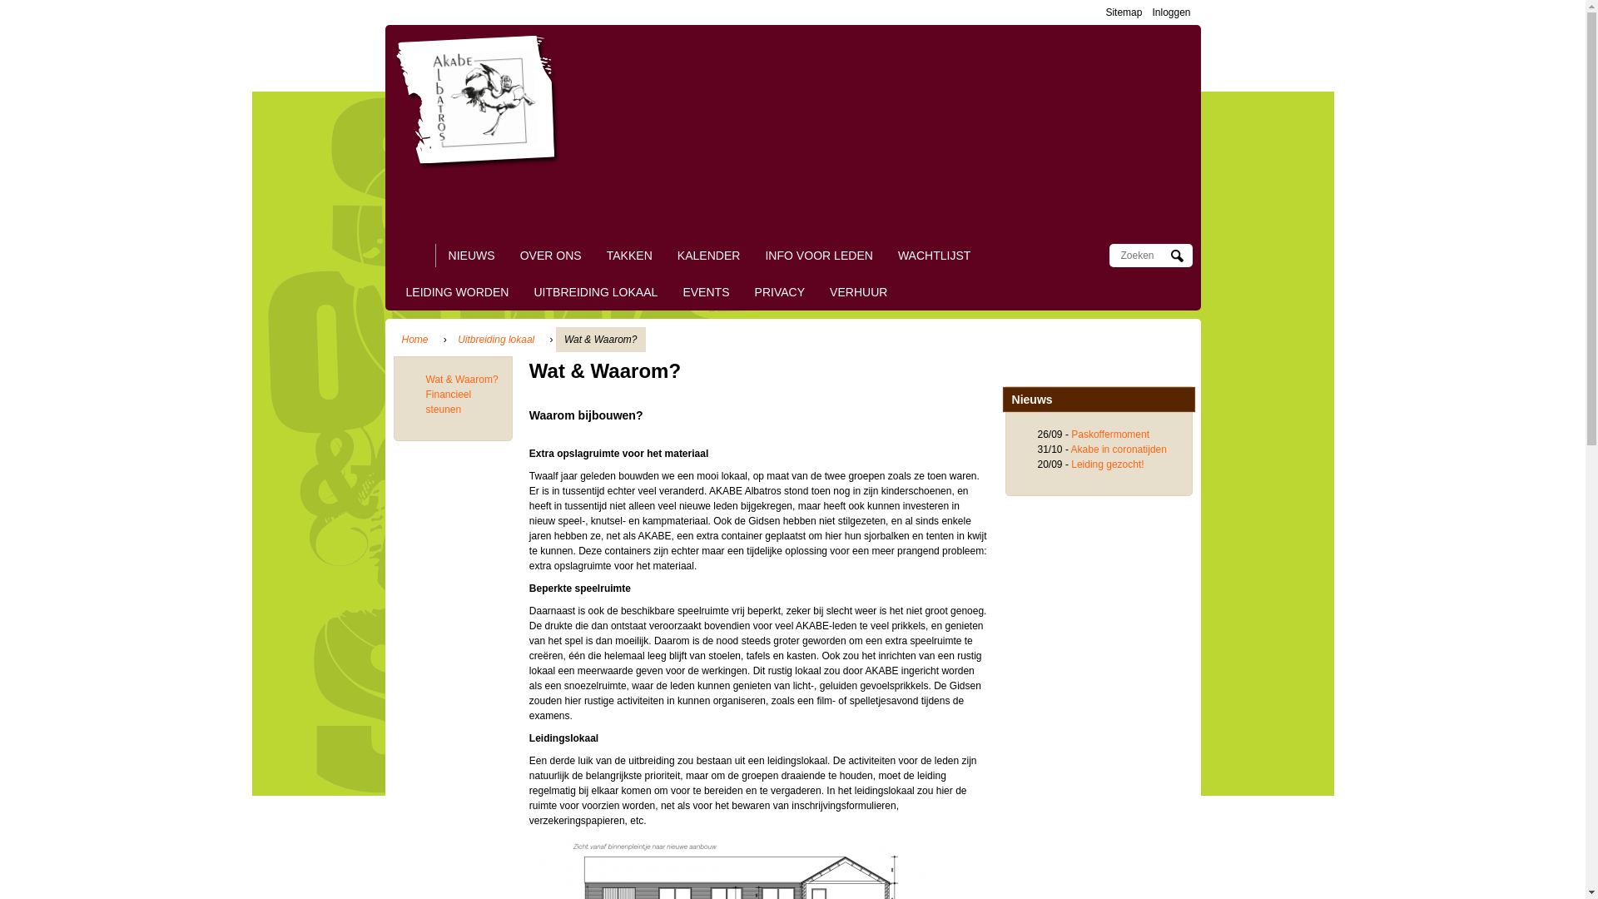  What do you see at coordinates (519, 256) in the screenshot?
I see `'OVER ONS'` at bounding box center [519, 256].